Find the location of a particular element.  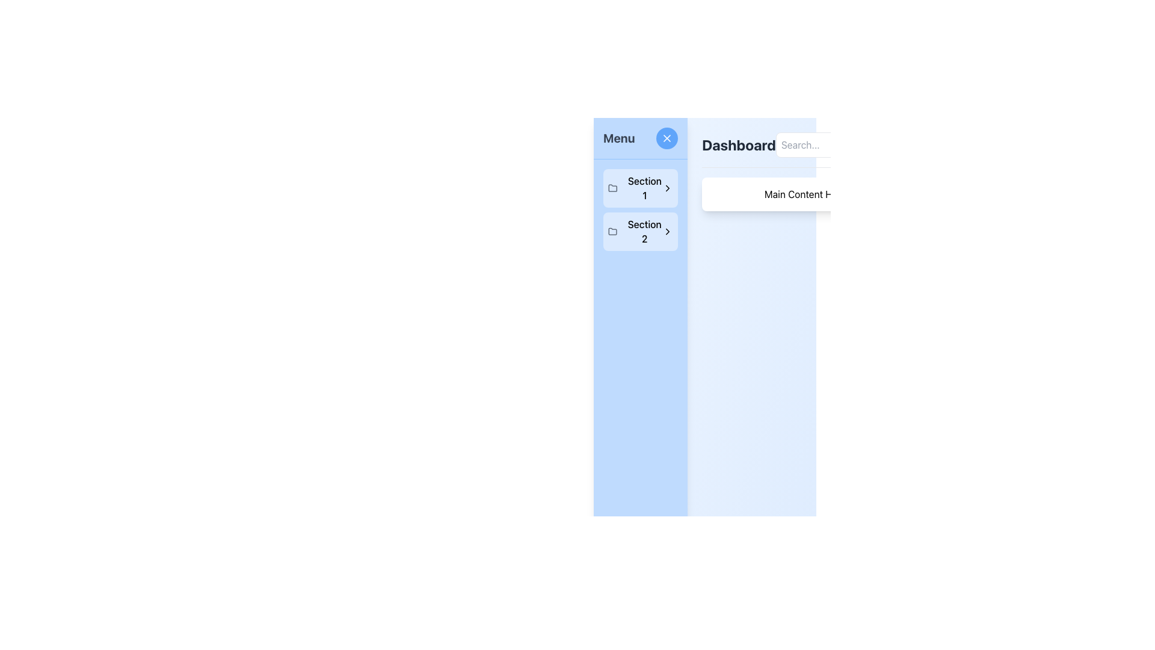

the 'Section 2' menu item button in the navigation sidebar is located at coordinates (640, 232).